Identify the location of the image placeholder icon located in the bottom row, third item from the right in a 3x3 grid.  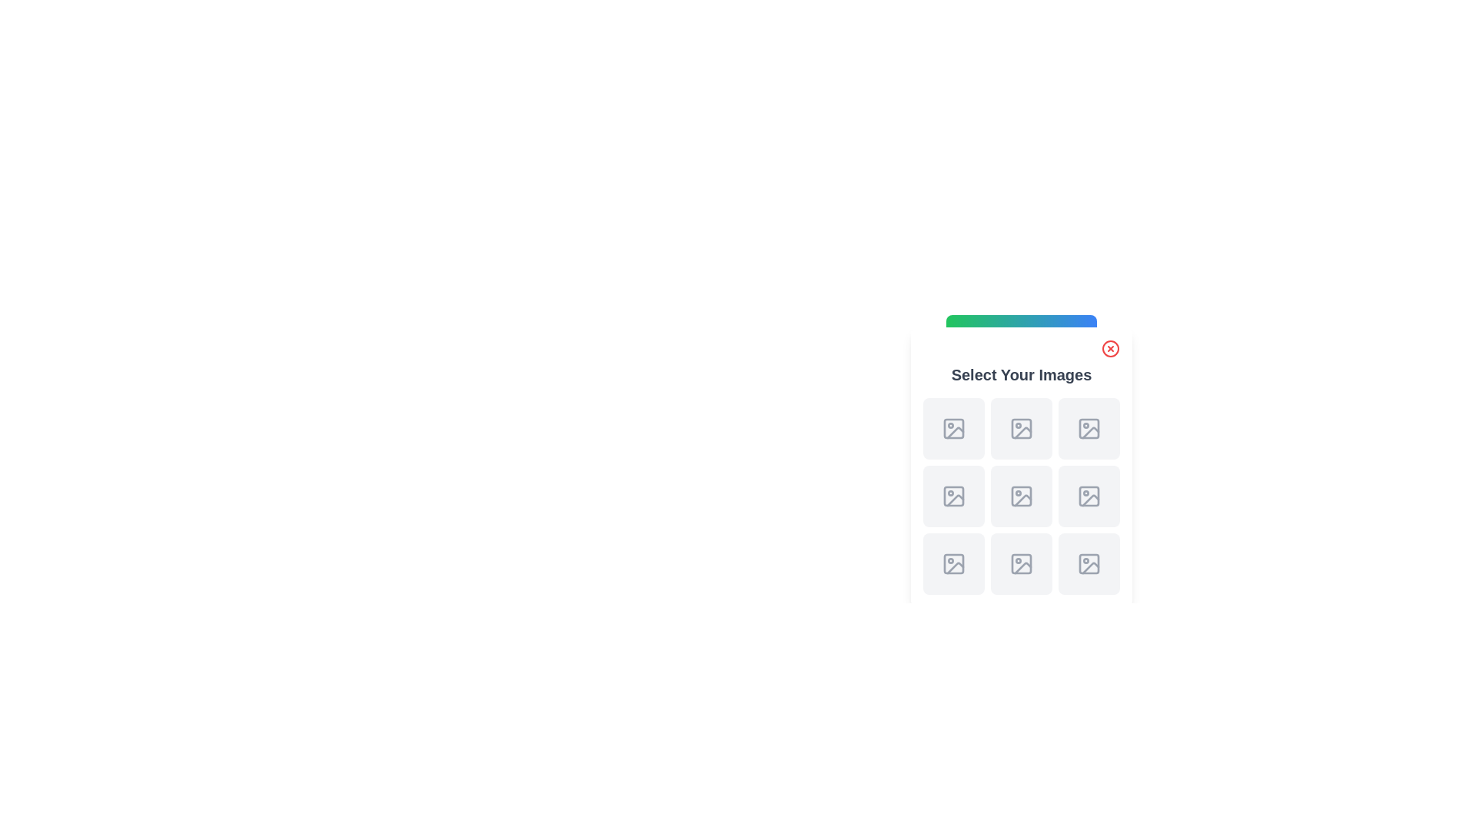
(1088, 563).